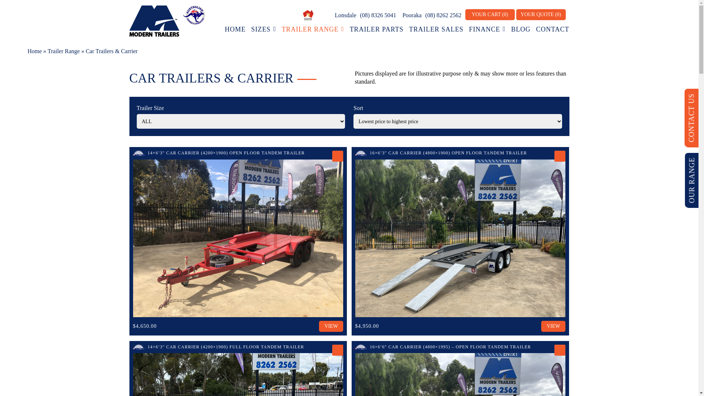 The image size is (704, 396). Describe the element at coordinates (553, 29) in the screenshot. I see `'CONTACT'` at that location.